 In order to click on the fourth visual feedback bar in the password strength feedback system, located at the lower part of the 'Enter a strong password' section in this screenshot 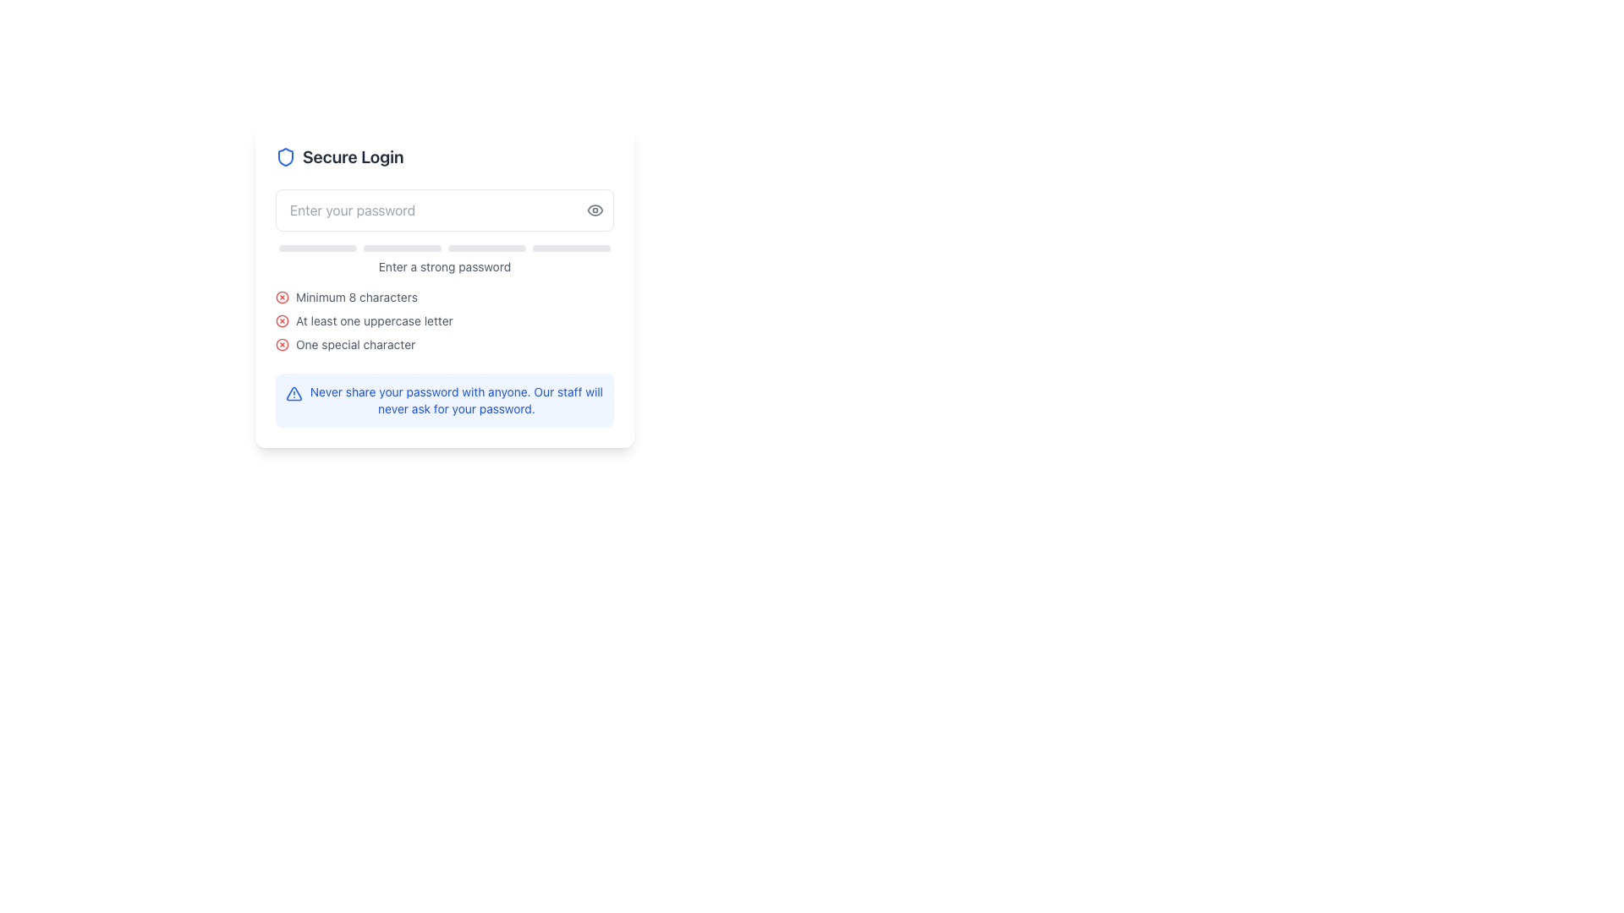, I will do `click(572, 248)`.